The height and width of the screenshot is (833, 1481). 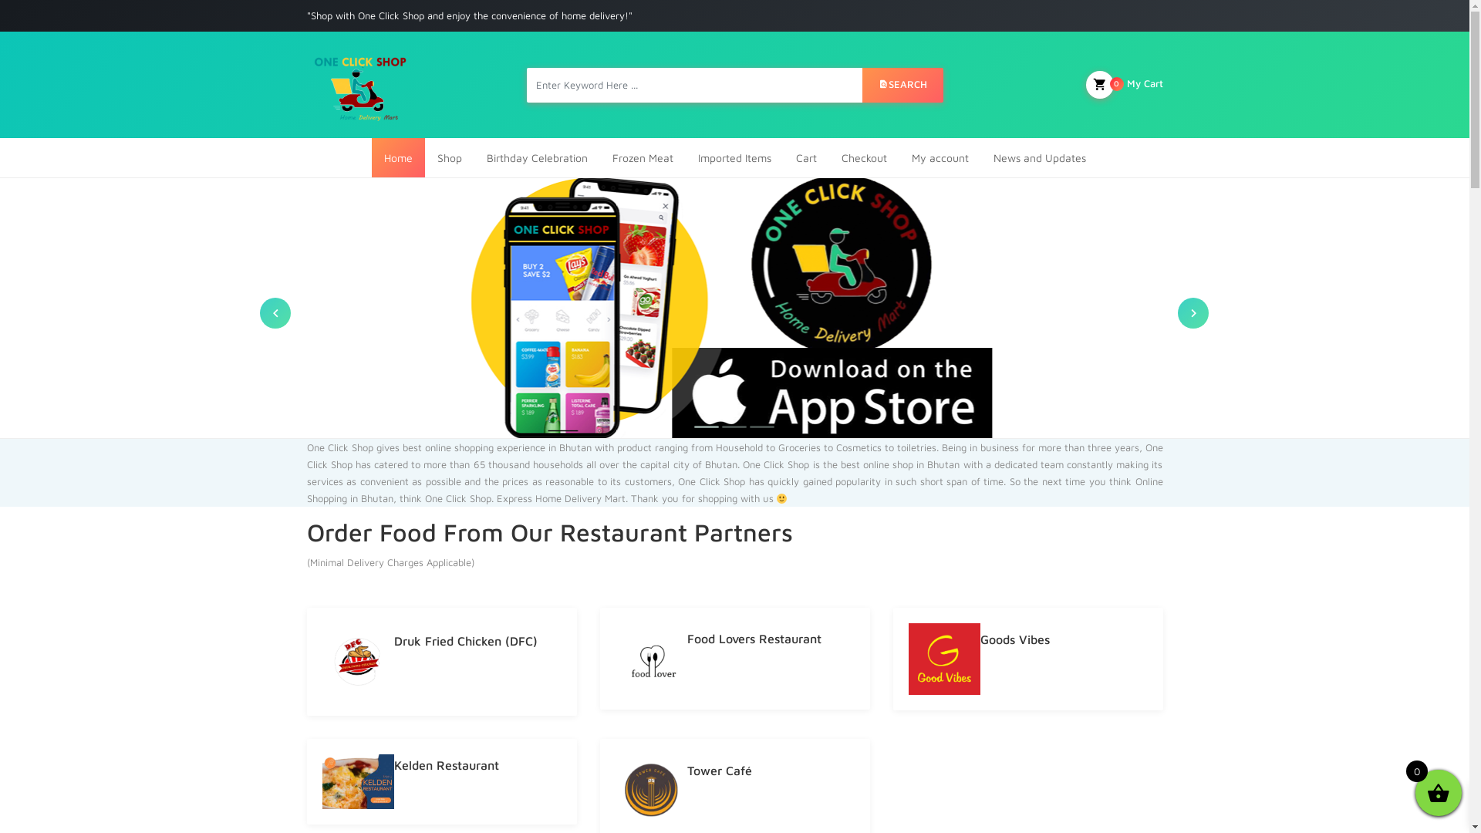 What do you see at coordinates (685, 642) in the screenshot?
I see `'Food Lovers Restaurant'` at bounding box center [685, 642].